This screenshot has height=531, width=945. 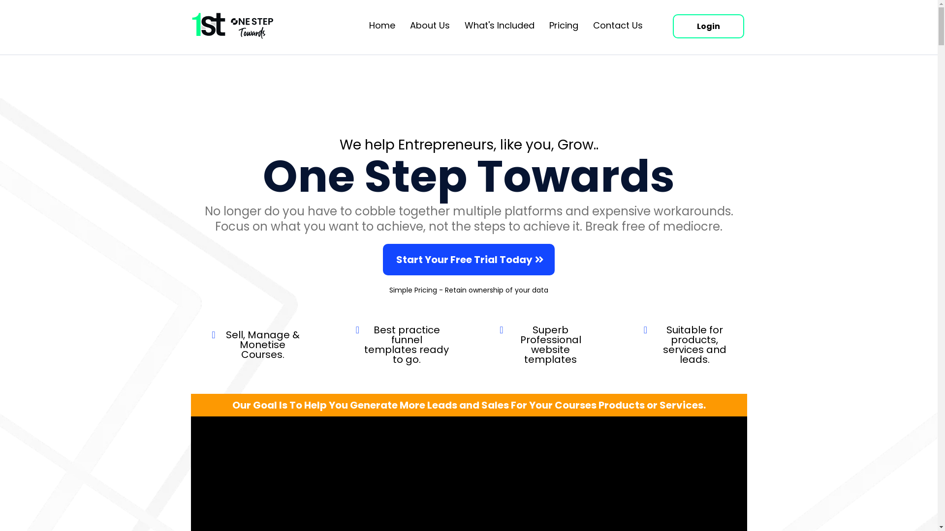 What do you see at coordinates (381, 25) in the screenshot?
I see `'Home'` at bounding box center [381, 25].